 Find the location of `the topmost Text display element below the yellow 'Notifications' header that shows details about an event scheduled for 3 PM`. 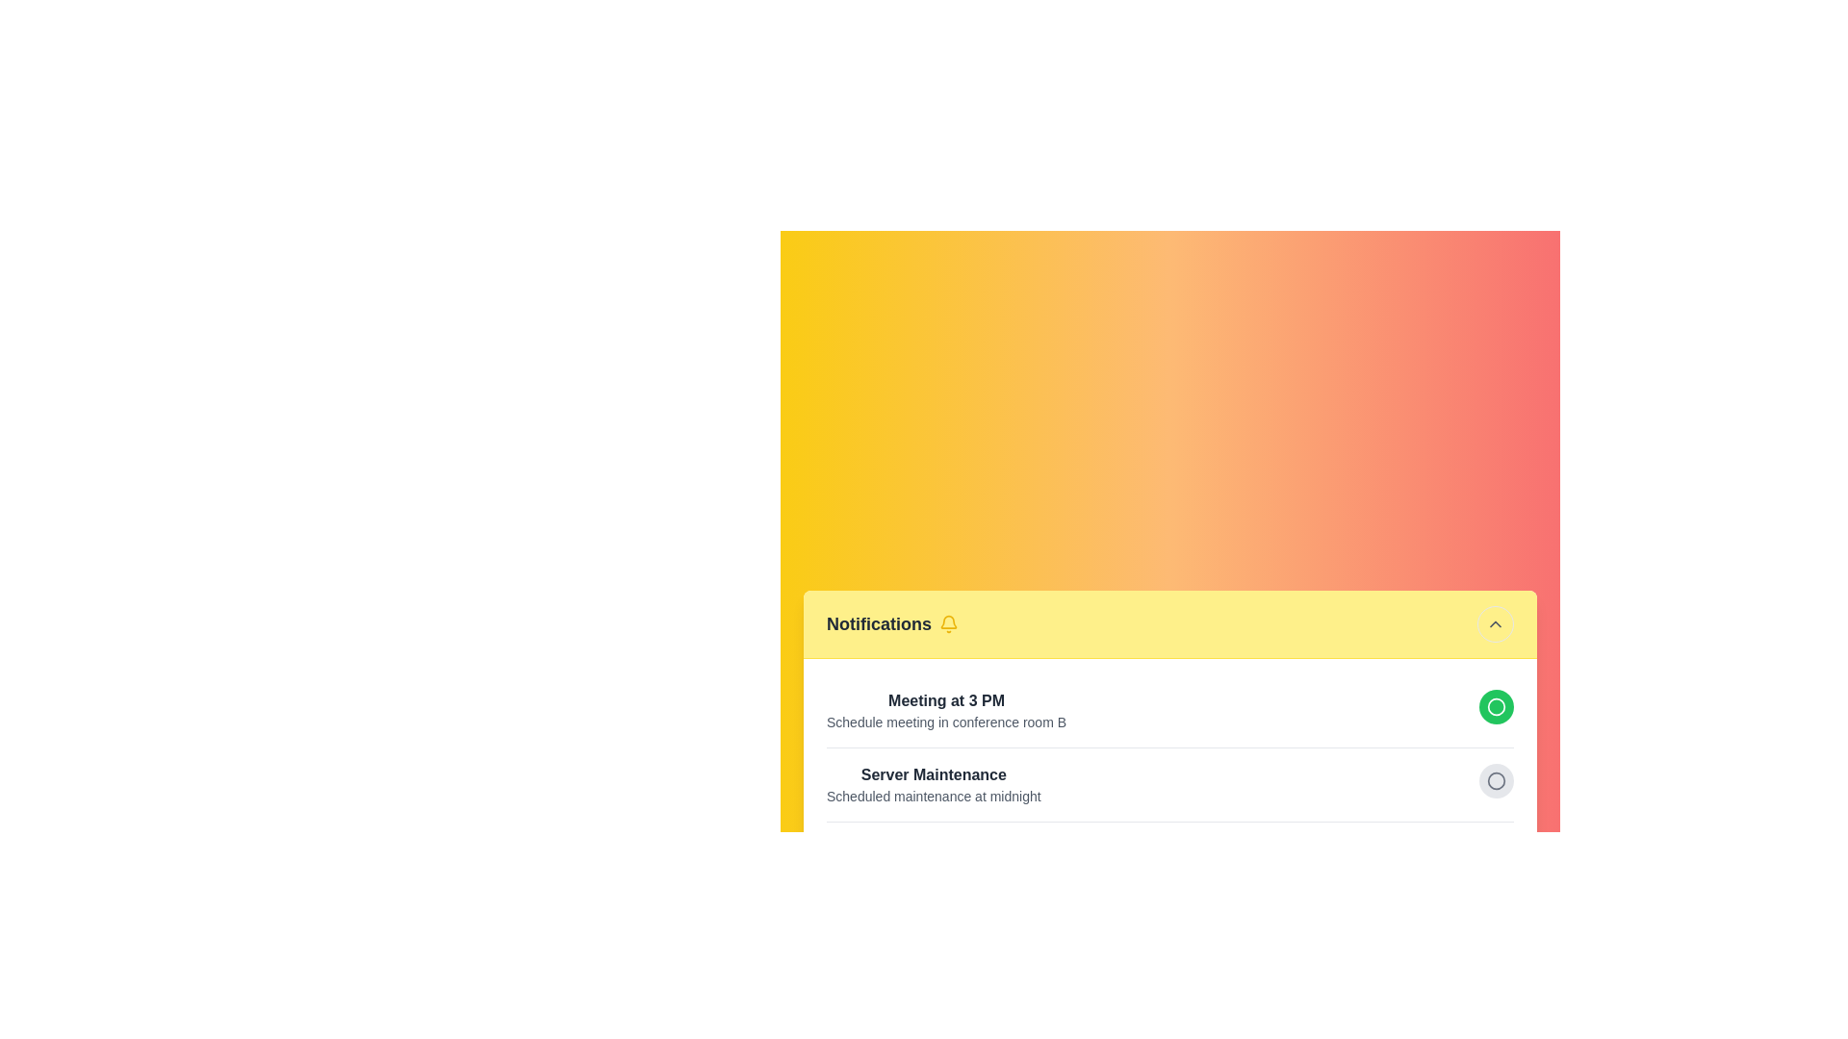

the topmost Text display element below the yellow 'Notifications' header that shows details about an event scheduled for 3 PM is located at coordinates (946, 710).